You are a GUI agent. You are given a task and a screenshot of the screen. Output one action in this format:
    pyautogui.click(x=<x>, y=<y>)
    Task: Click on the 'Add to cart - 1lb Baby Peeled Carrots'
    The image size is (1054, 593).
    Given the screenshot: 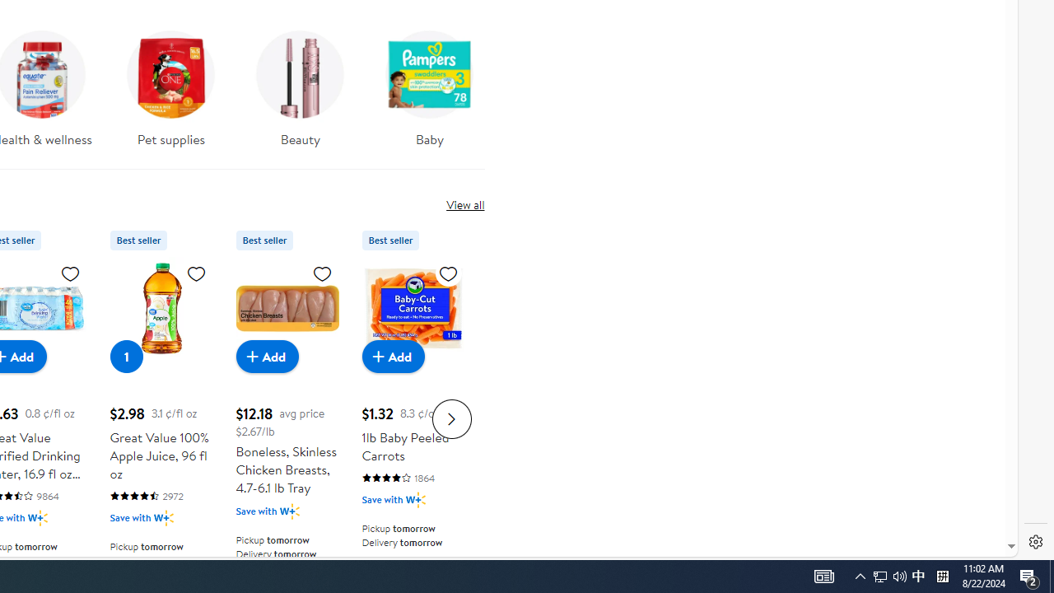 What is the action you would take?
    pyautogui.click(x=393, y=355)
    